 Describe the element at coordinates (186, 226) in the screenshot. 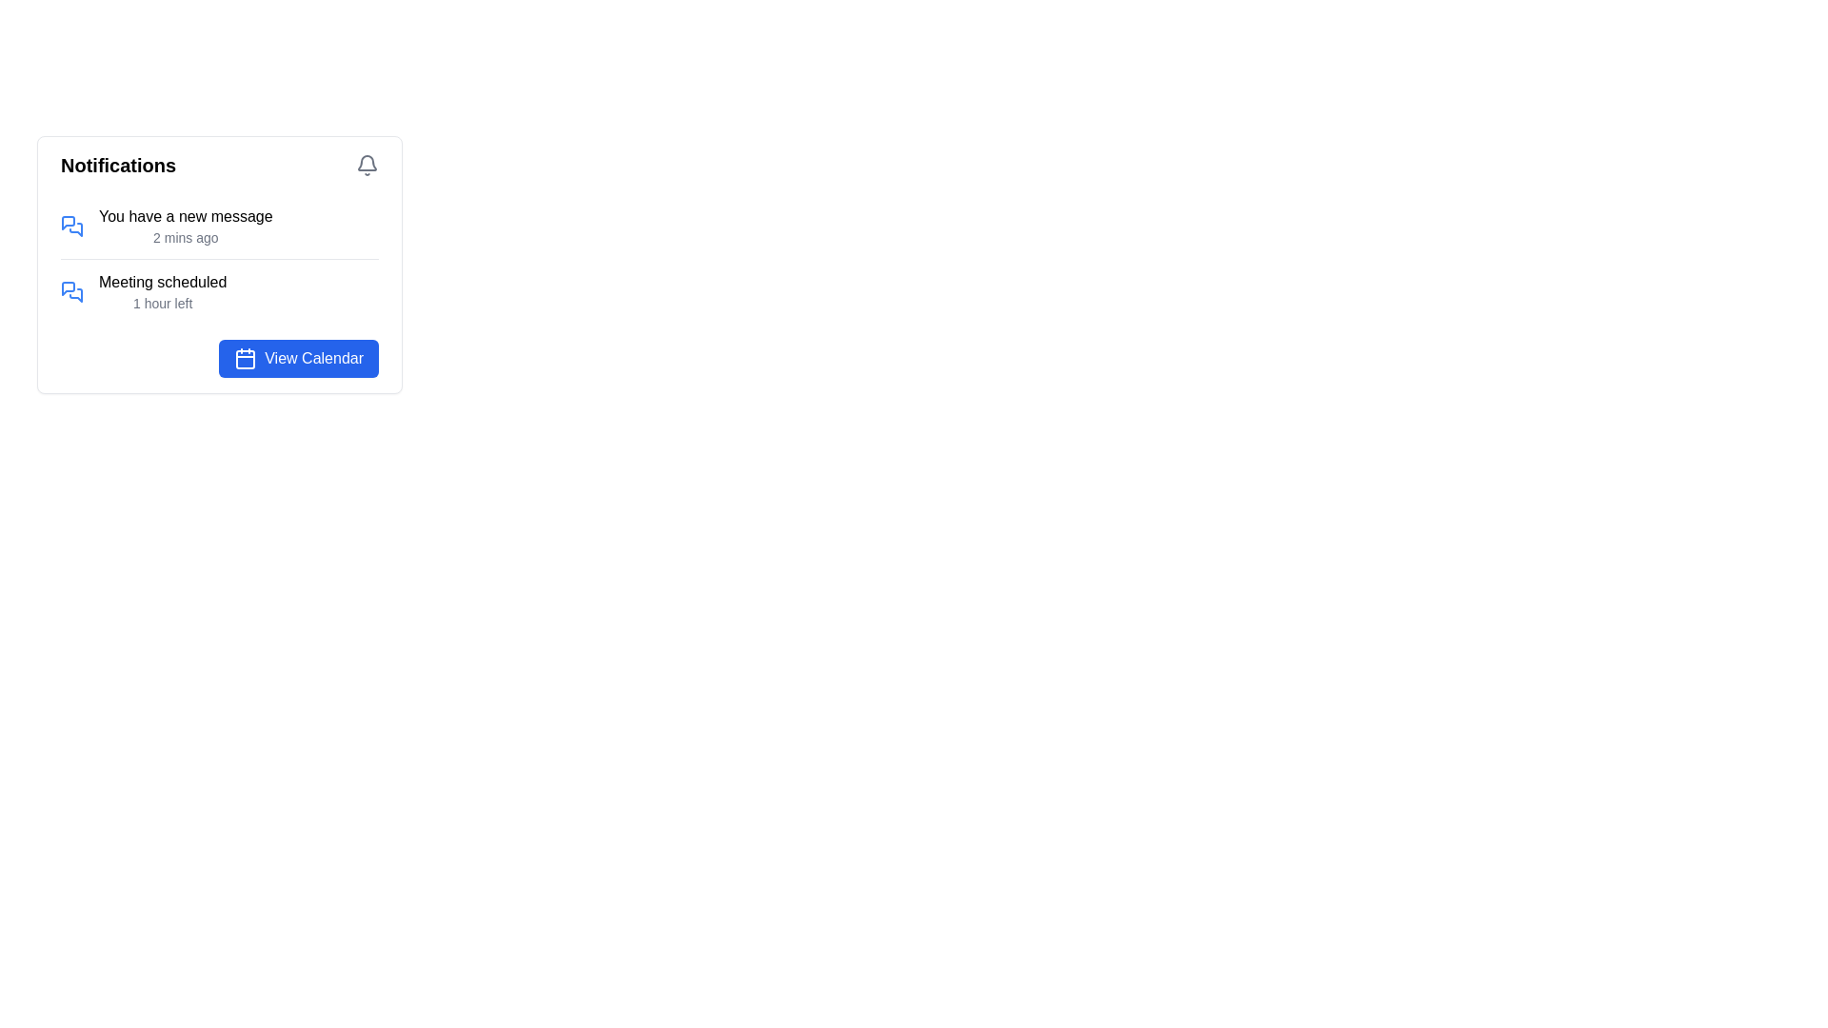

I see `the first notification block in the Notifications panel, which displays a notification message and a timestamp` at that location.